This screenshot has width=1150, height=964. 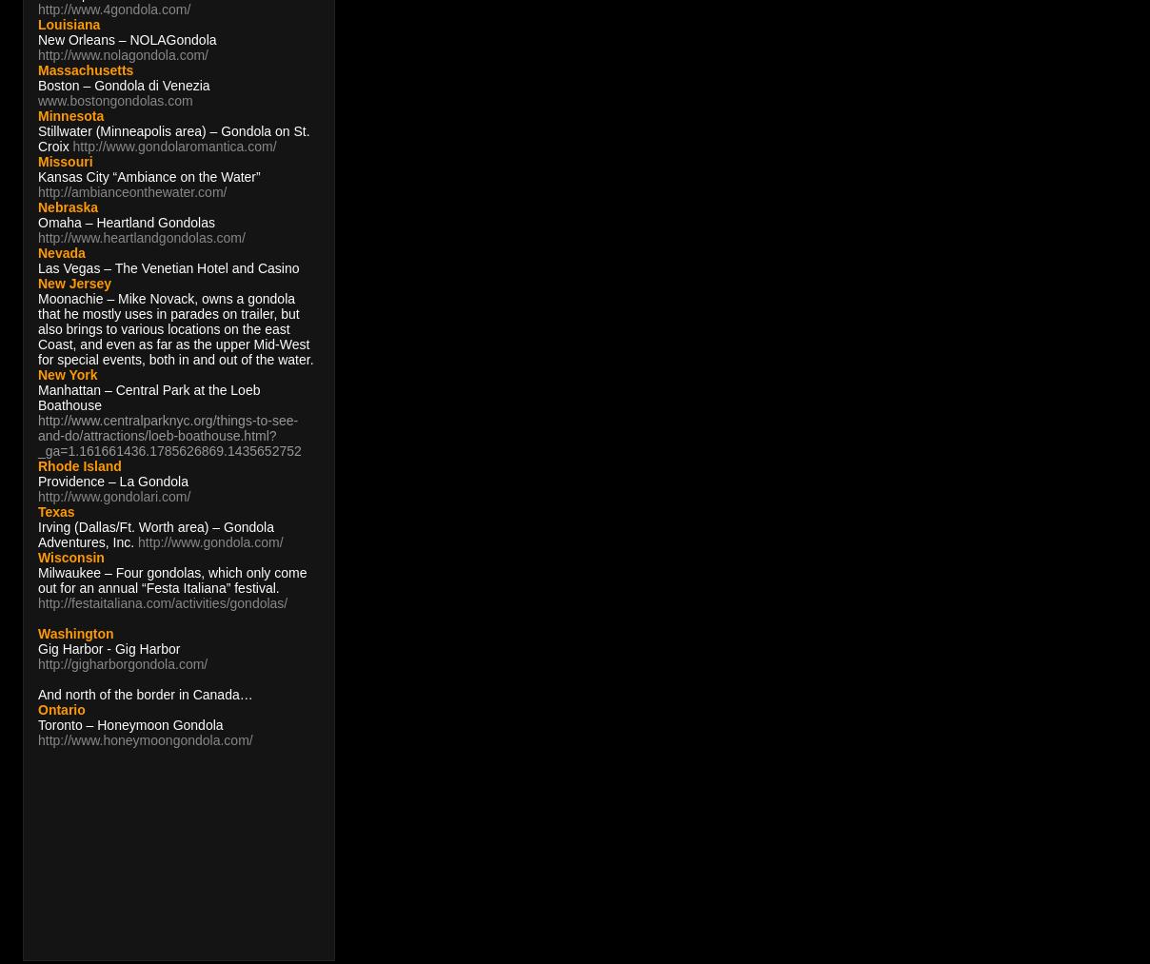 What do you see at coordinates (36, 100) in the screenshot?
I see `'www.bostongondolas.com'` at bounding box center [36, 100].